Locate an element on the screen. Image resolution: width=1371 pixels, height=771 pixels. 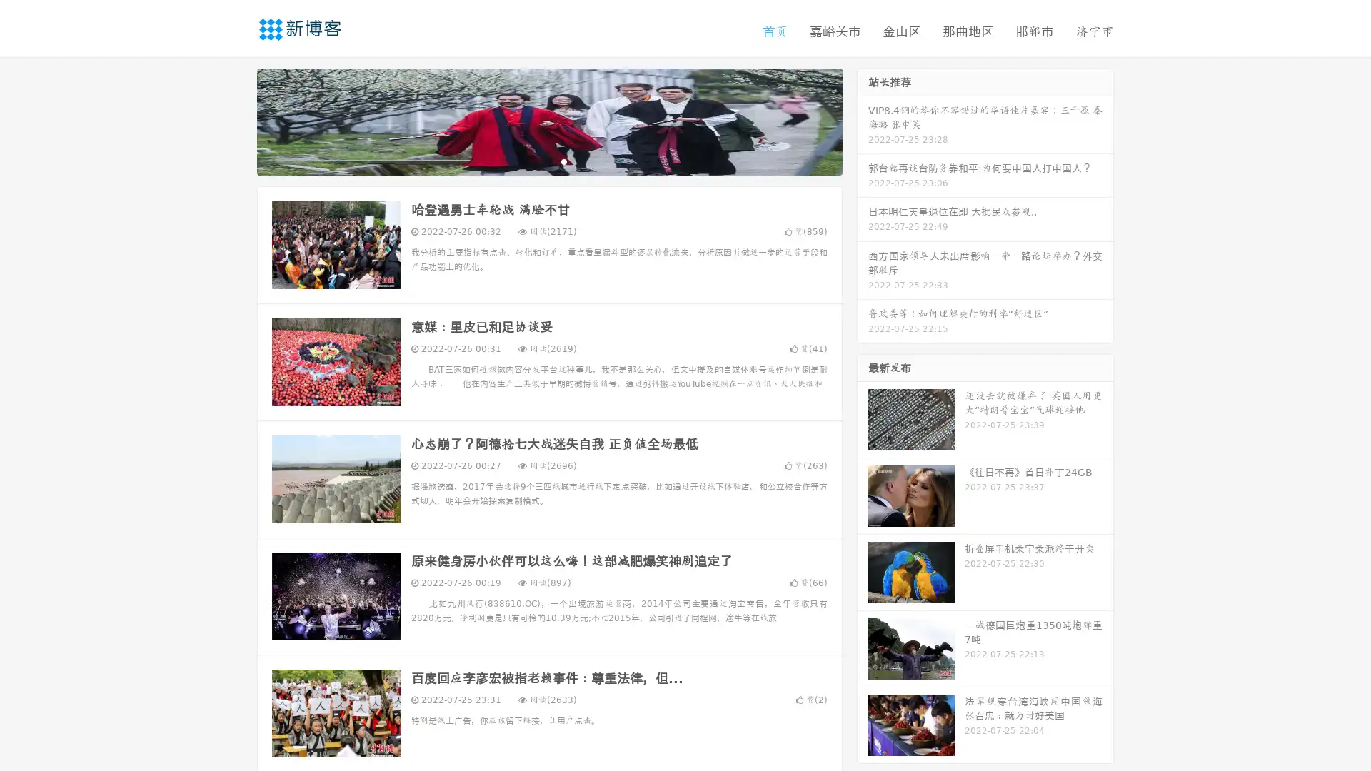
Next slide is located at coordinates (863, 120).